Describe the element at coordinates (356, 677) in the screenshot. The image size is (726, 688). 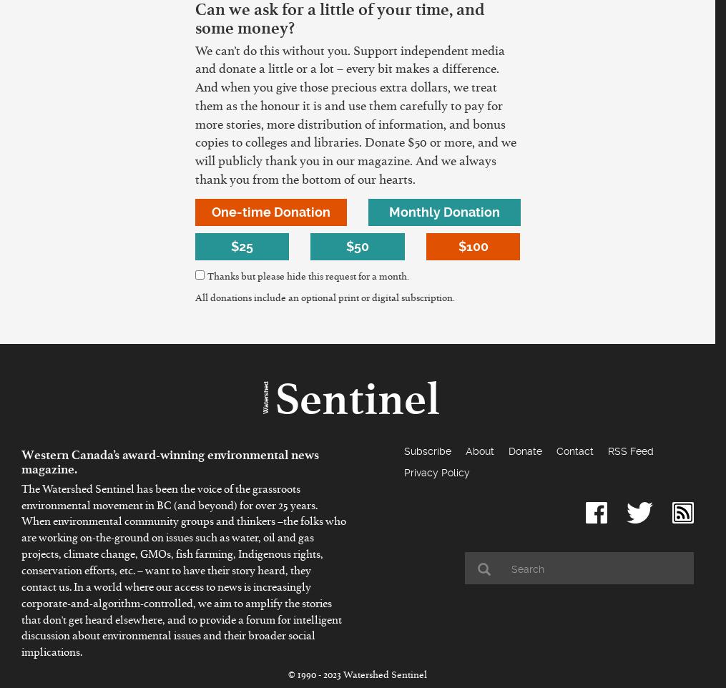
I see `'© 1990 - 2023 Watershed Sentinel'` at that location.